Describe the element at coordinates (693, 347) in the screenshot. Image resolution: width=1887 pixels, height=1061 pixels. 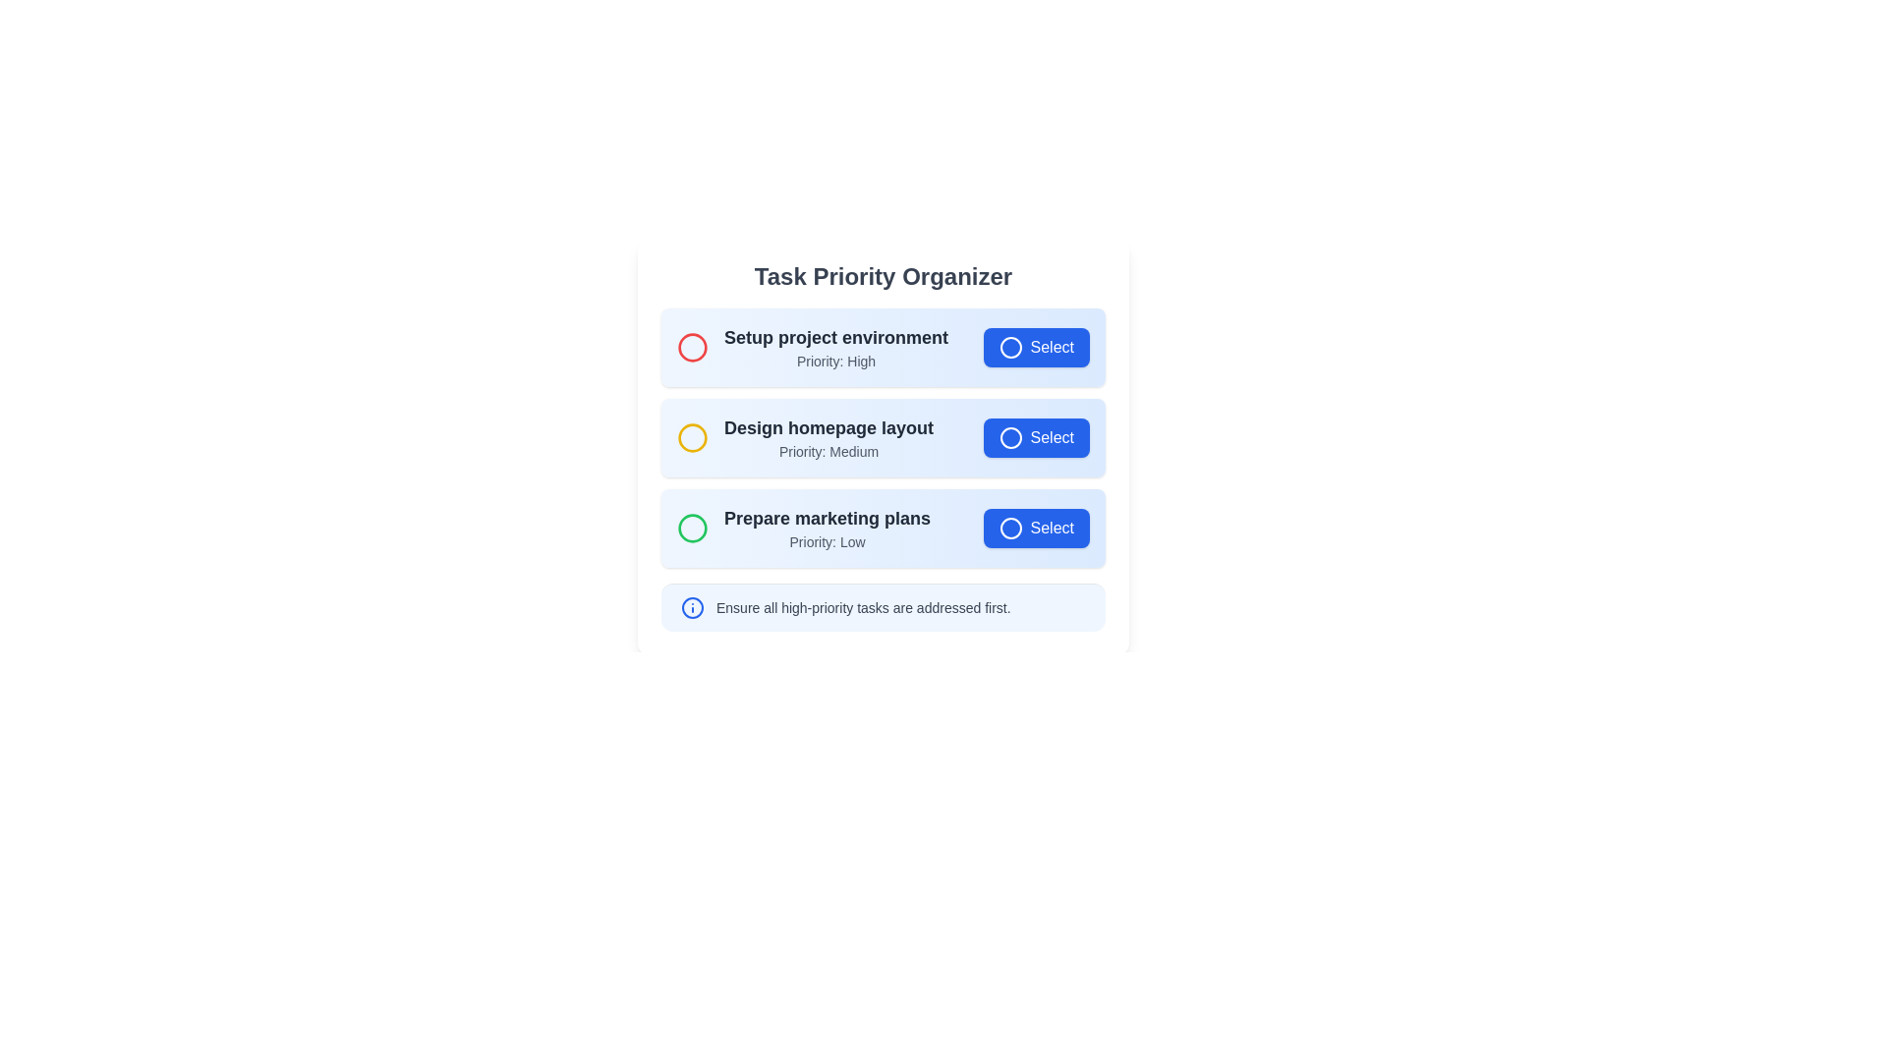
I see `the priority status icon, which is the first in a column and is red, indicating high priority for the task 'Setup project environment'` at that location.